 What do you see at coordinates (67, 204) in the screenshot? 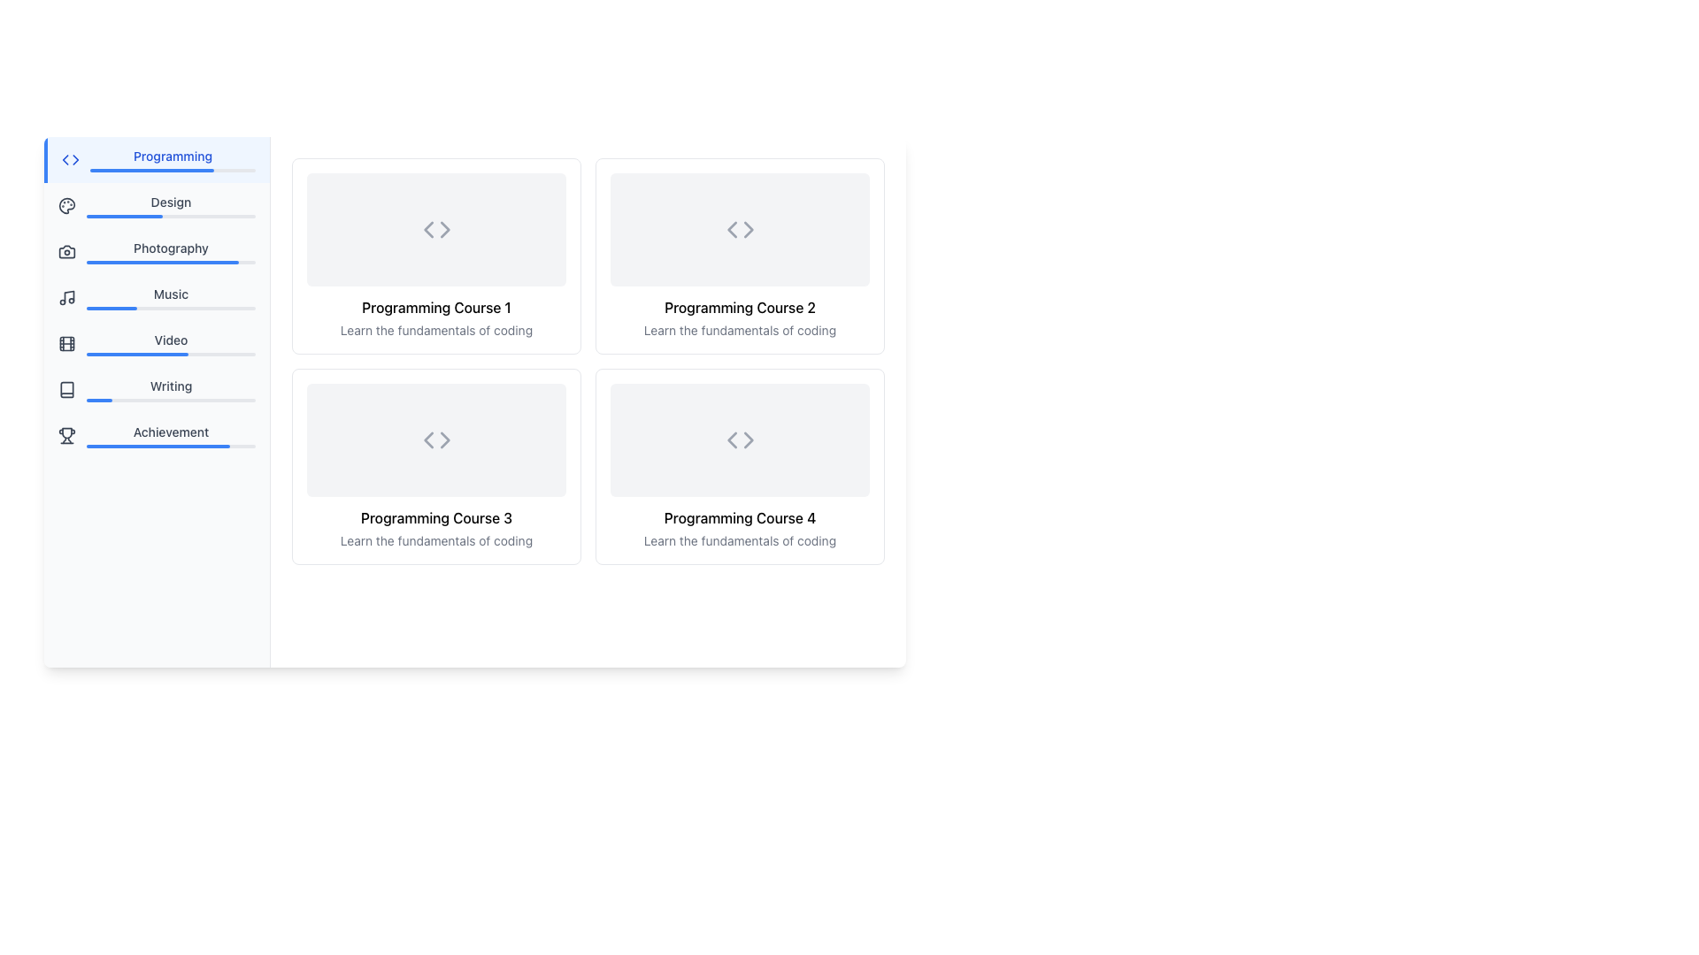
I see `the palette icon in the sidebar that represents the 'Design' section, located next to the 'Design' label` at bounding box center [67, 204].